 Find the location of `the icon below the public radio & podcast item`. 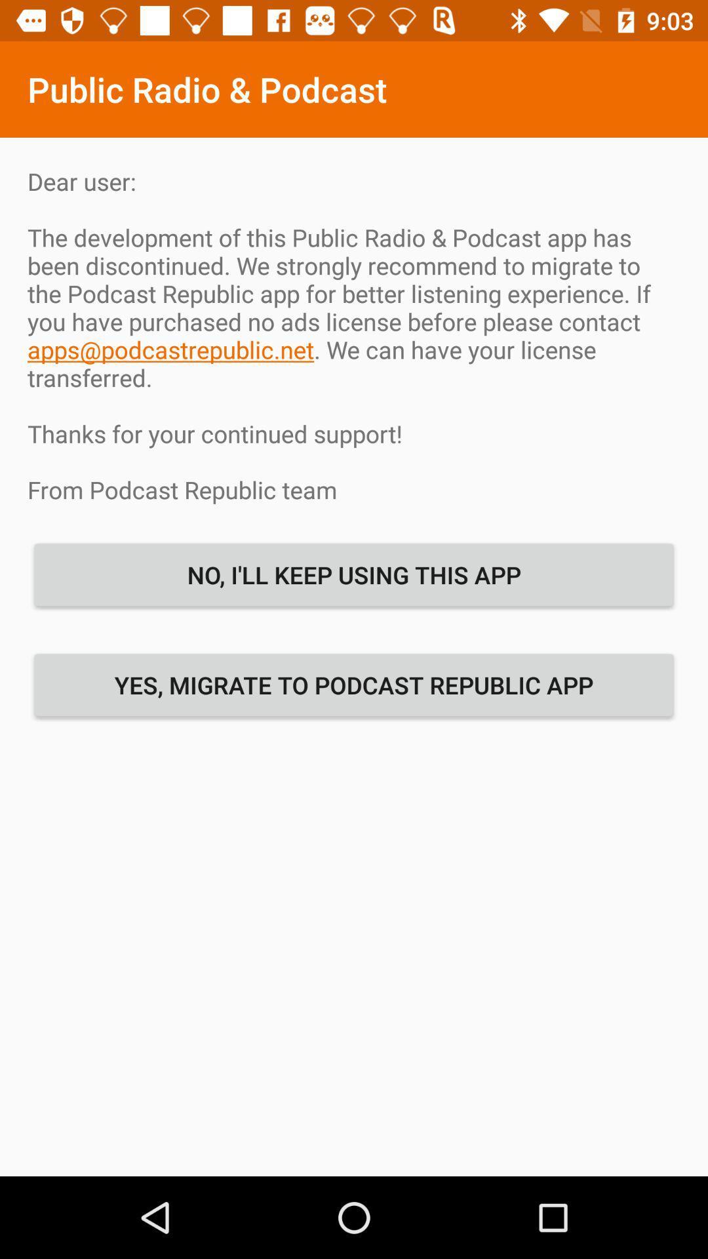

the icon below the public radio & podcast item is located at coordinates (354, 335).